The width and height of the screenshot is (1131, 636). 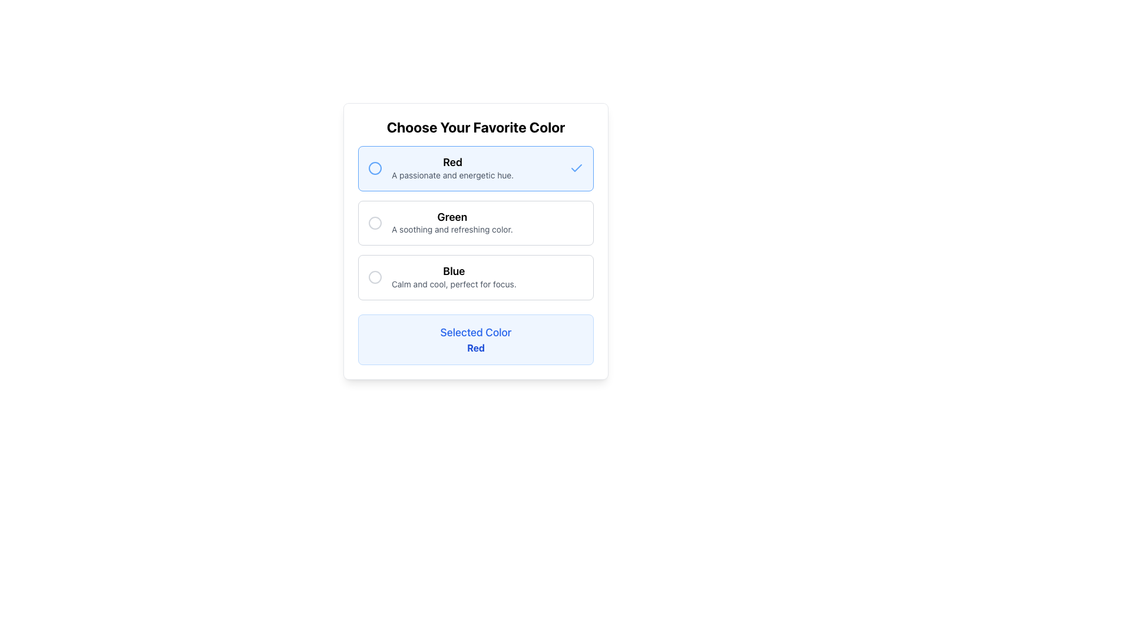 What do you see at coordinates (475, 168) in the screenshot?
I see `the 'Red' option selectable item in the list of favorite color options` at bounding box center [475, 168].